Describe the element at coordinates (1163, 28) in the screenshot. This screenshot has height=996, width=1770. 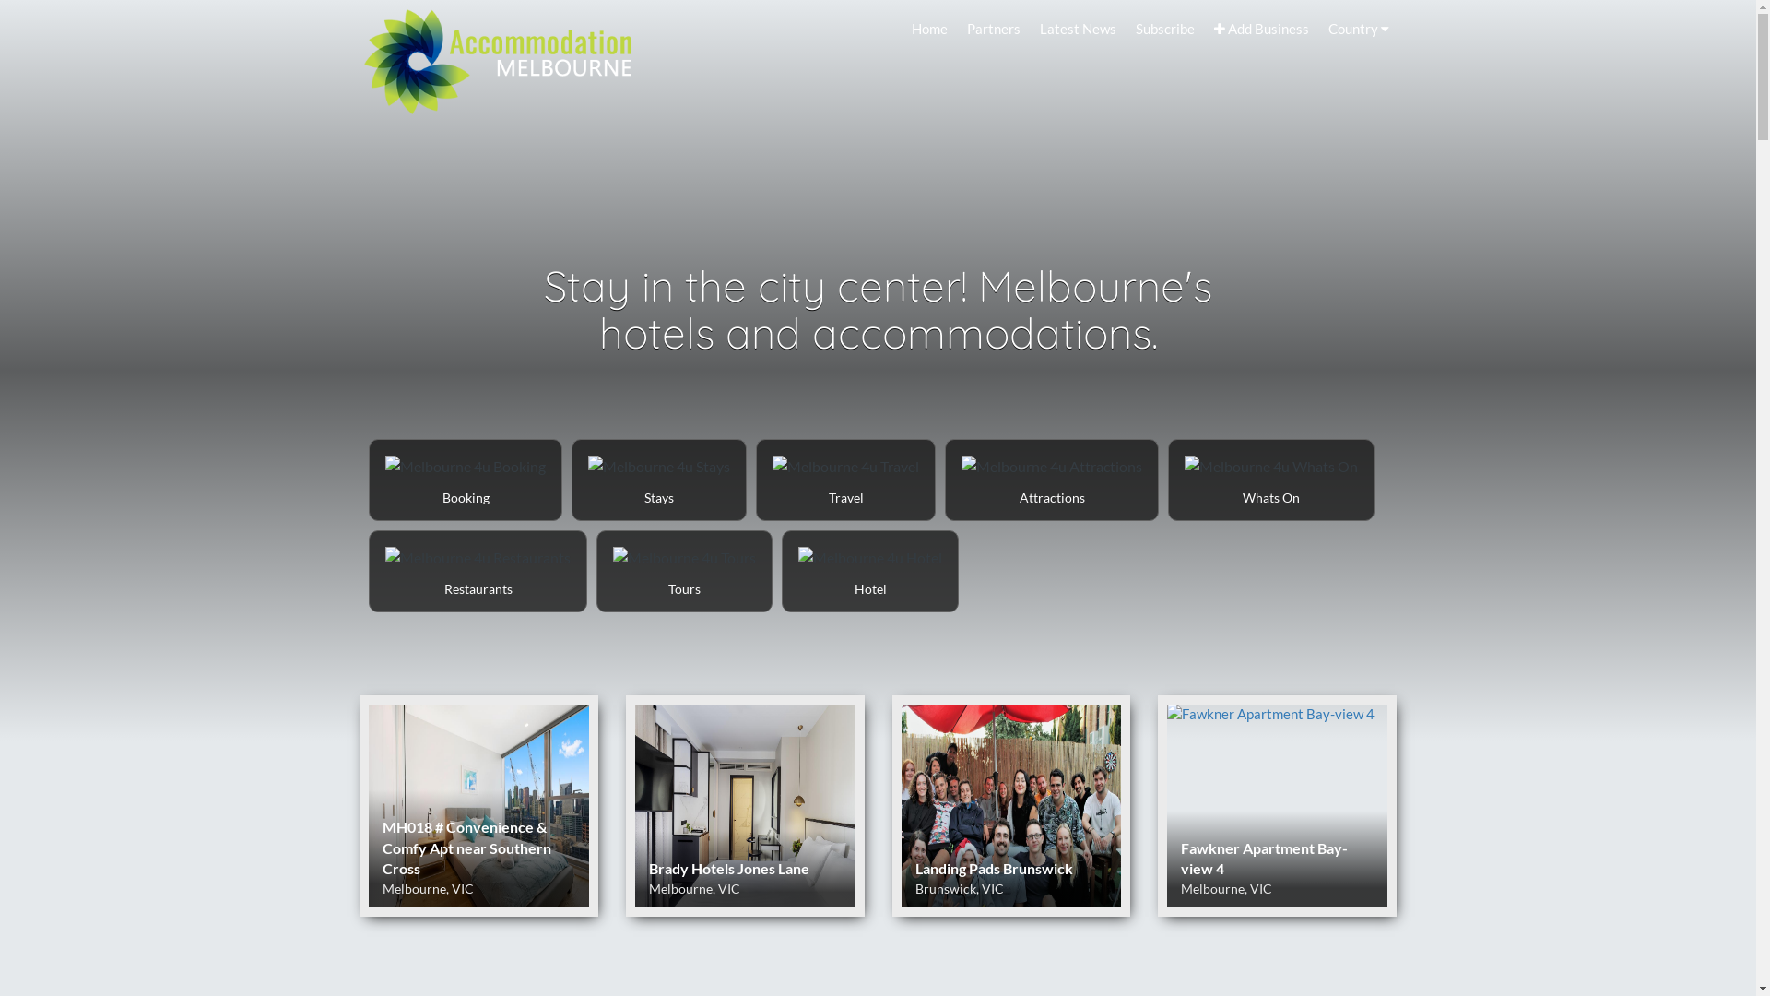
I see `'Subscribe'` at that location.